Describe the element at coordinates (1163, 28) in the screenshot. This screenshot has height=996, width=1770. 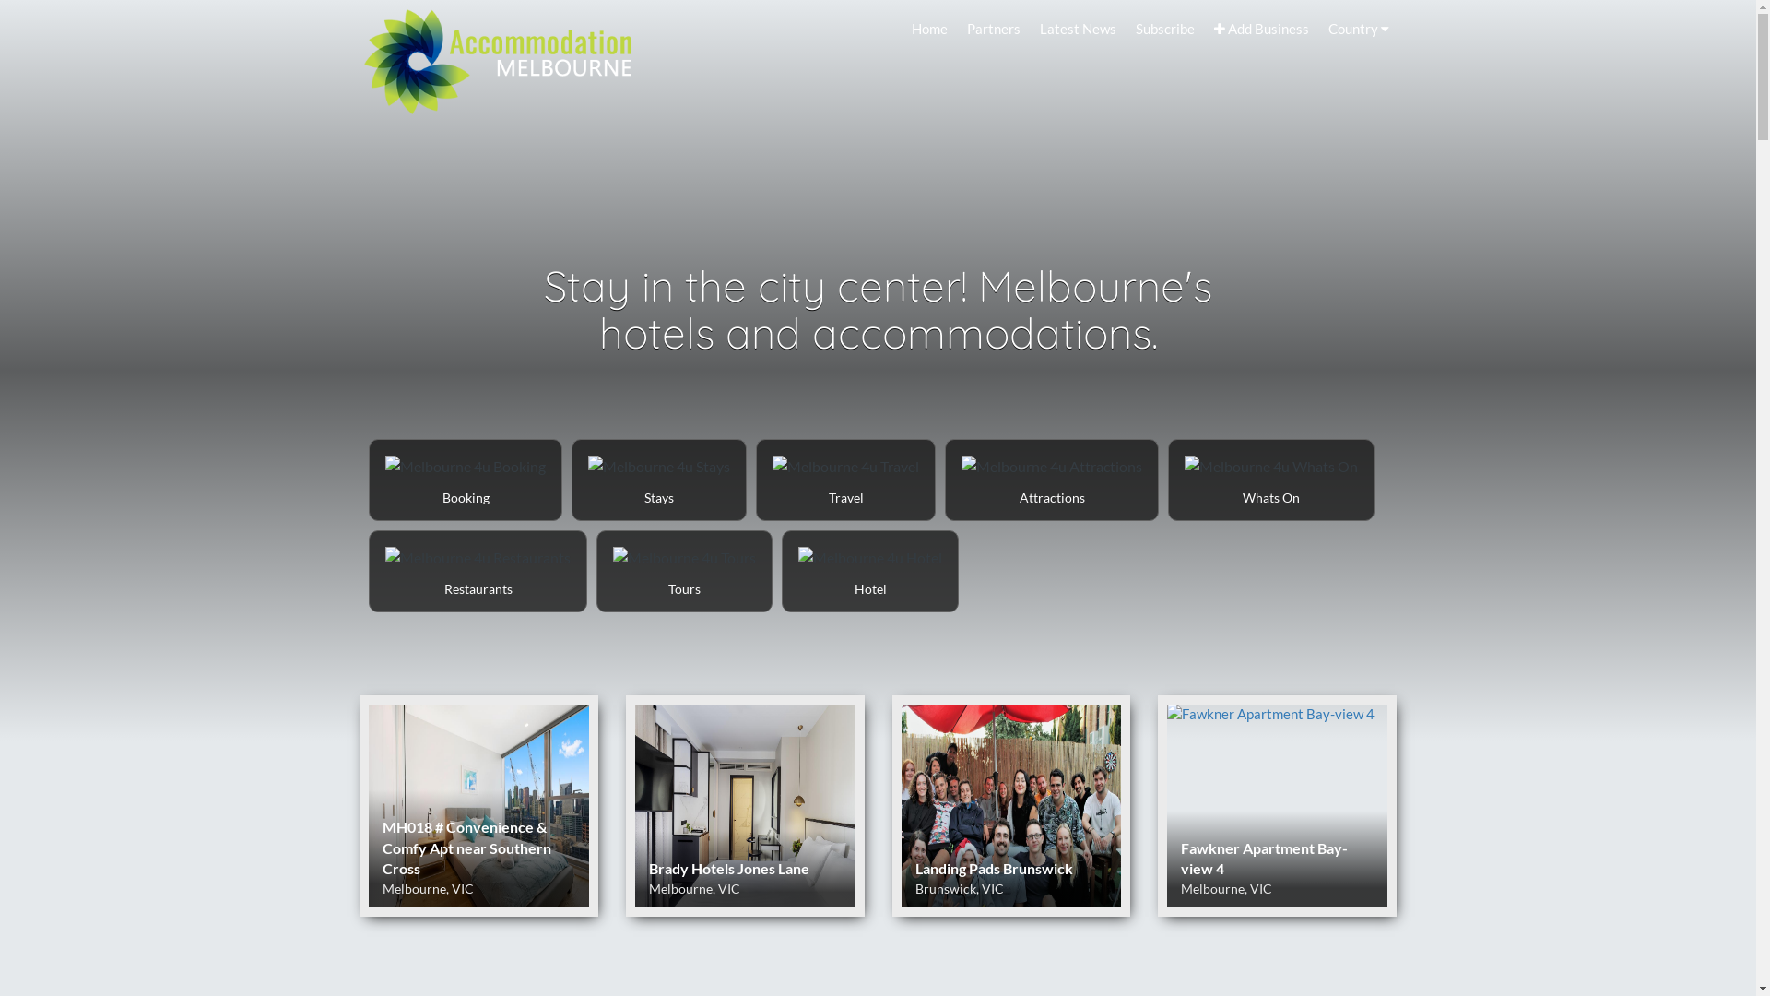
I see `'Subscribe'` at that location.